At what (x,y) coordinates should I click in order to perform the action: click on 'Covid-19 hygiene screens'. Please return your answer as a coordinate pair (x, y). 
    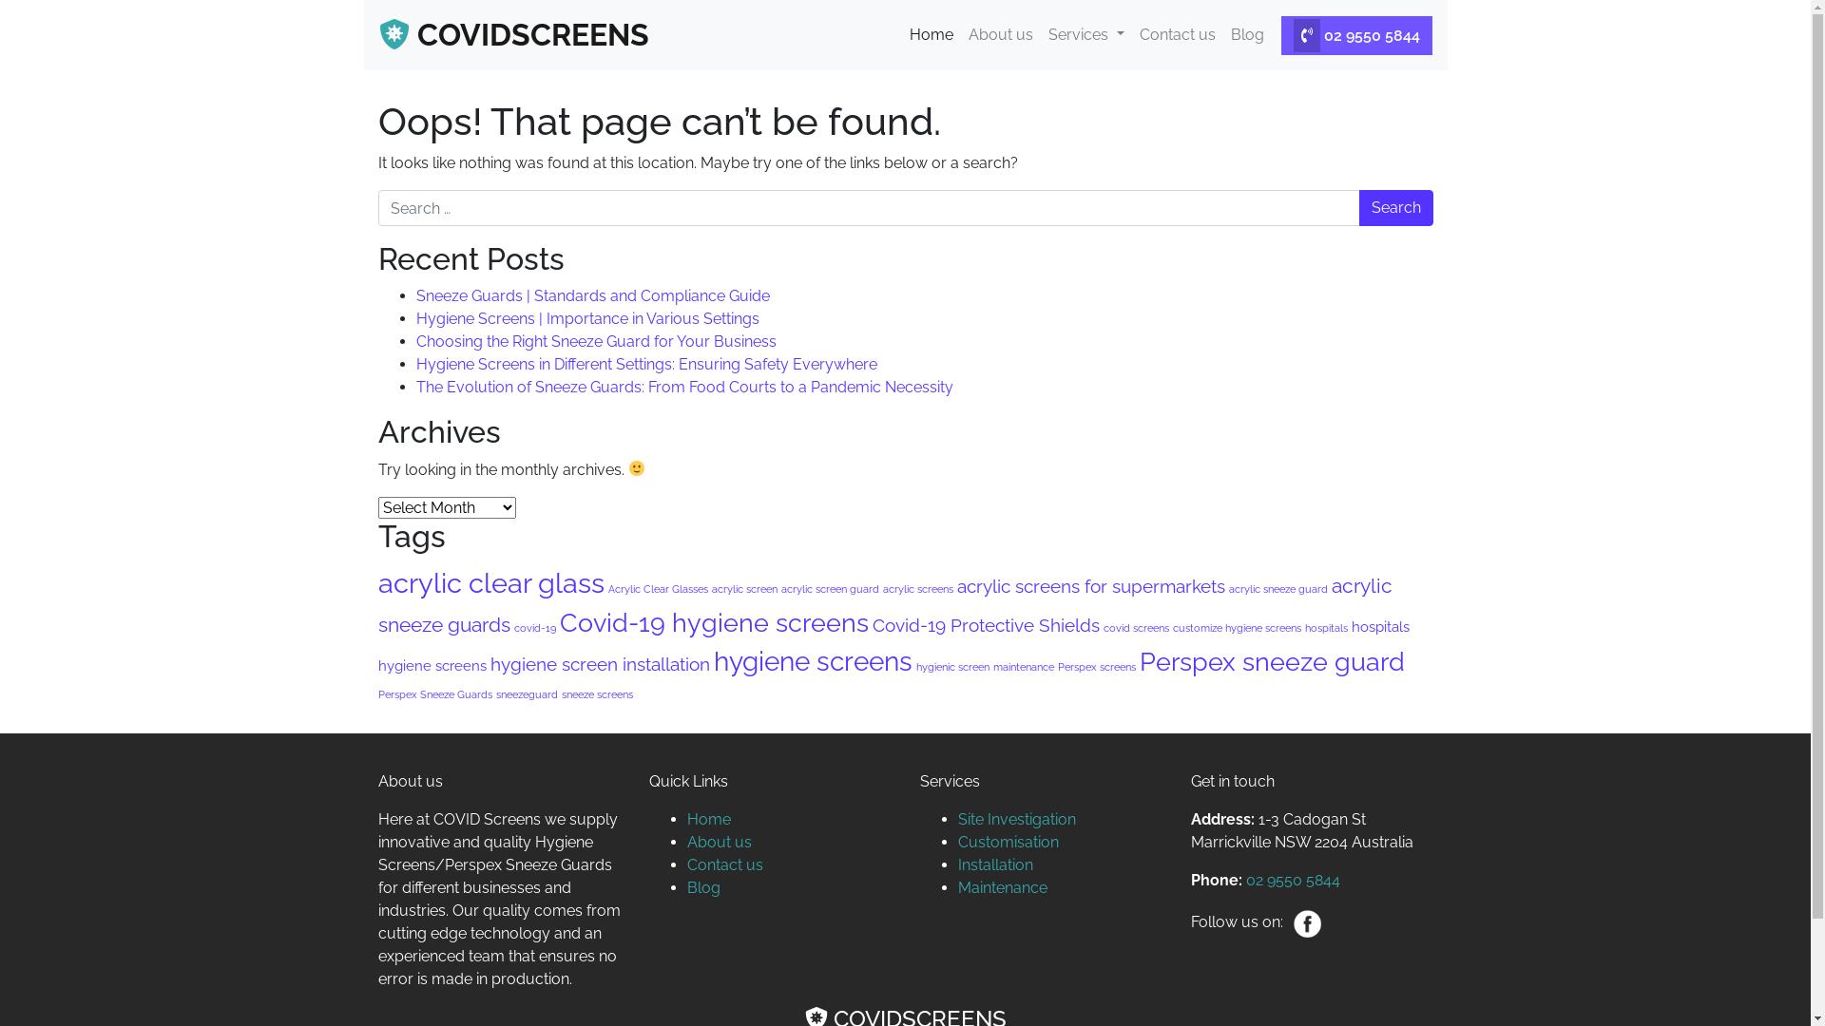
    Looking at the image, I should click on (712, 622).